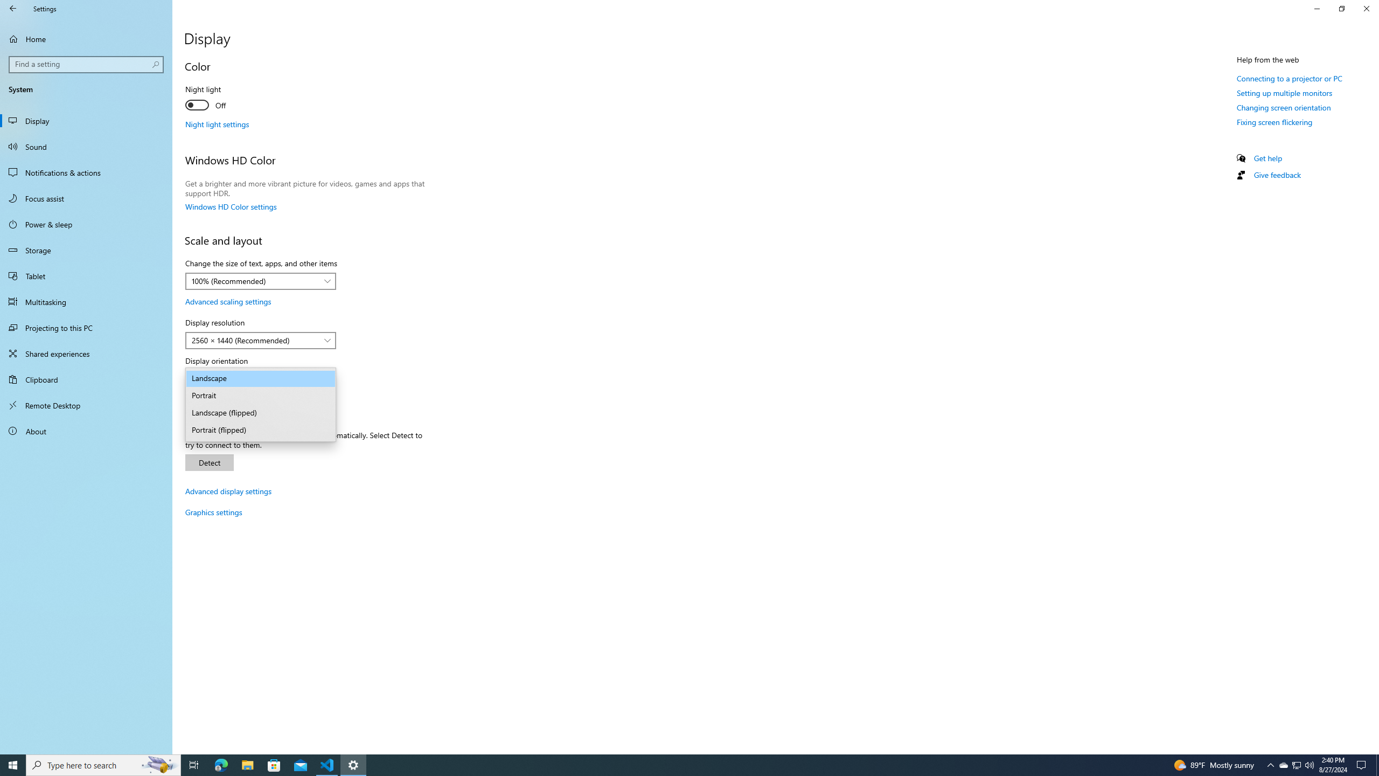  What do you see at coordinates (103, 764) in the screenshot?
I see `'Type here to search'` at bounding box center [103, 764].